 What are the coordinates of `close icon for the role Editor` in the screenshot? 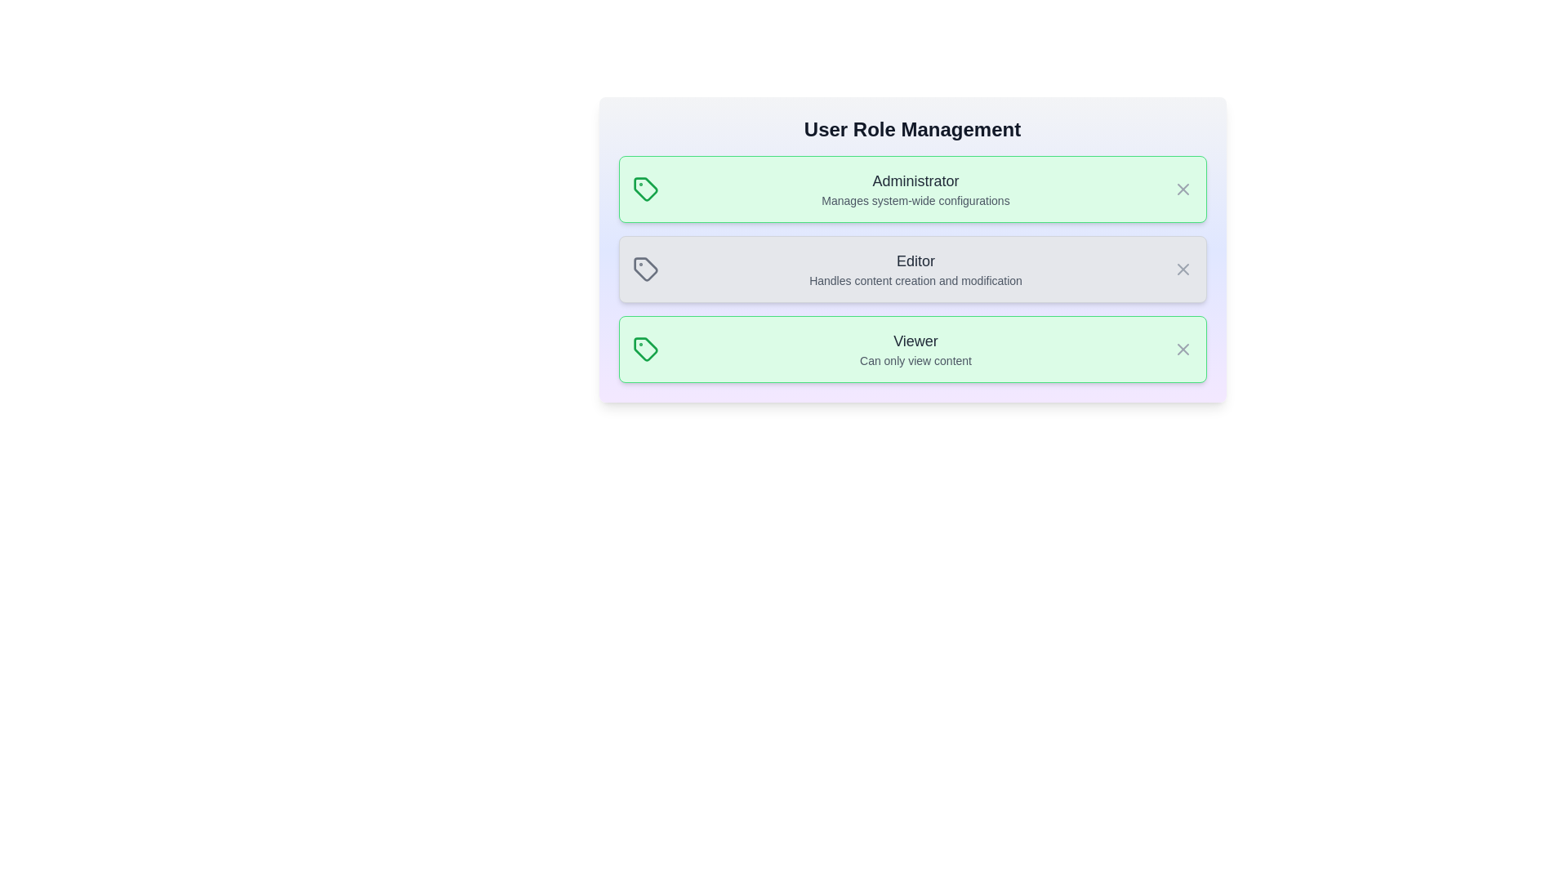 It's located at (1183, 269).